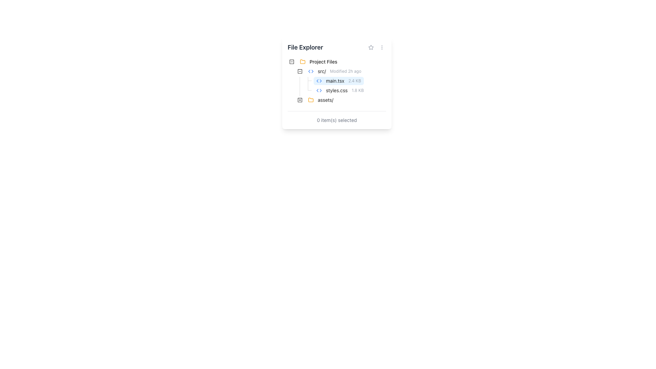 The image size is (656, 369). I want to click on the star icon located in the top-right corner of the file explorer widget, which likely serves as a favorite or status indicator, so click(370, 47).